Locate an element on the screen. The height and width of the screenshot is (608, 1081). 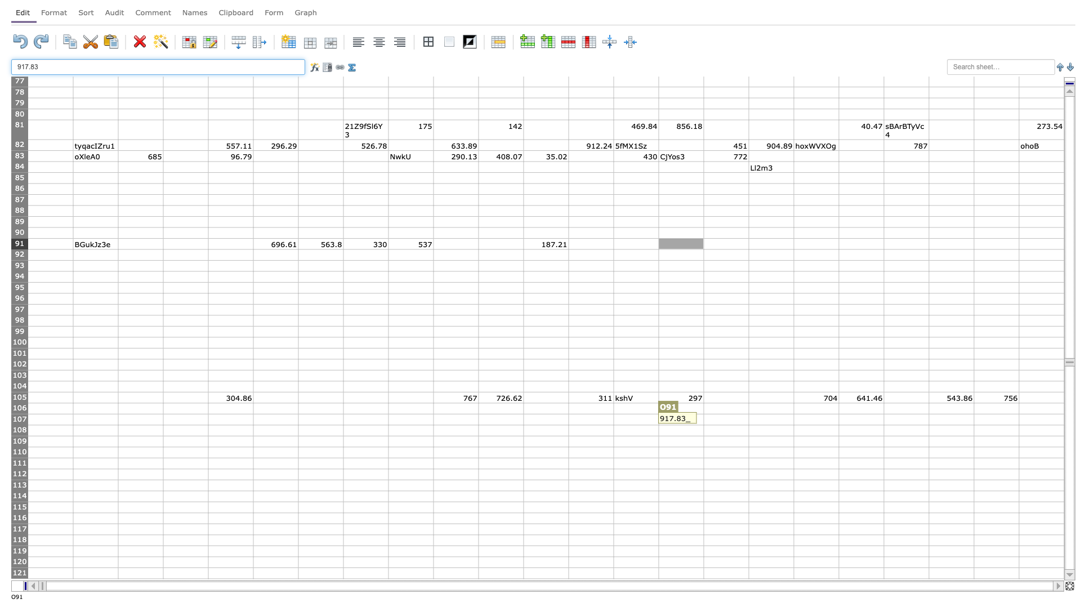
right edge of P107 is located at coordinates (748, 419).